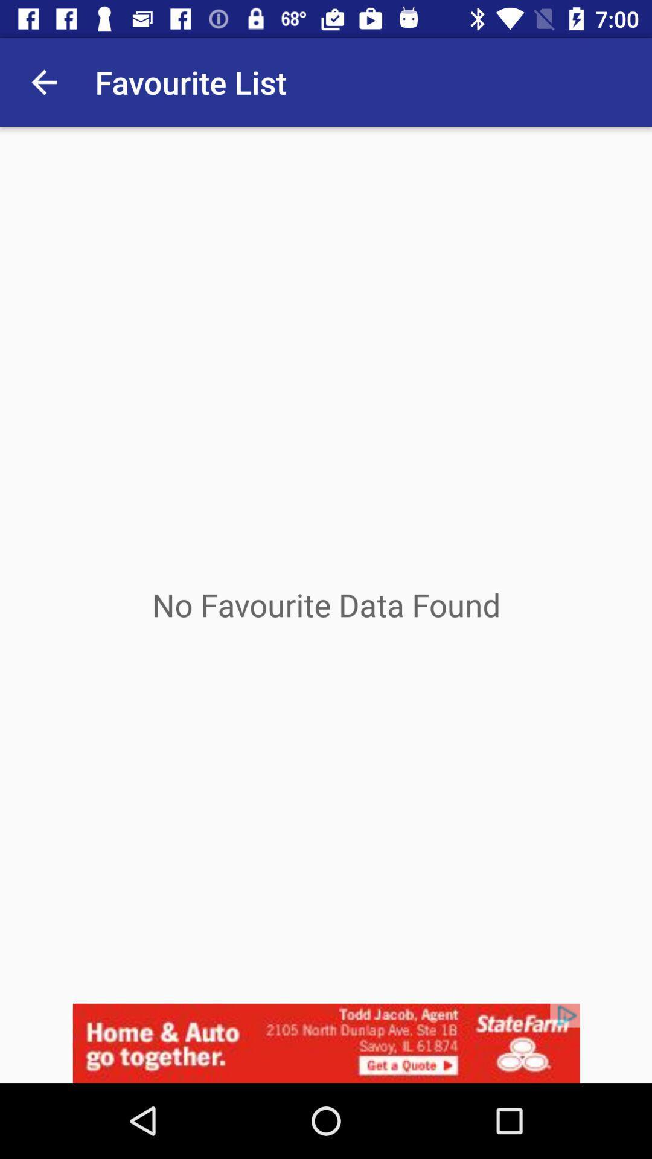 The width and height of the screenshot is (652, 1159). What do you see at coordinates (326, 1042) in the screenshot?
I see `open advertisement` at bounding box center [326, 1042].